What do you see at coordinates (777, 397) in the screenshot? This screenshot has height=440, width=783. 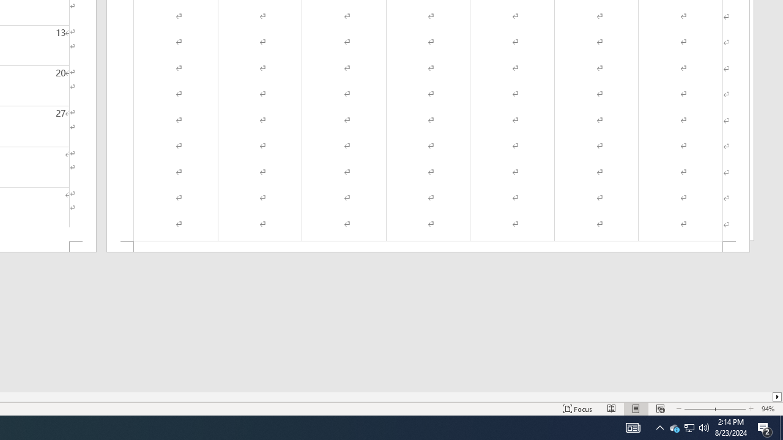 I see `'Column right'` at bounding box center [777, 397].